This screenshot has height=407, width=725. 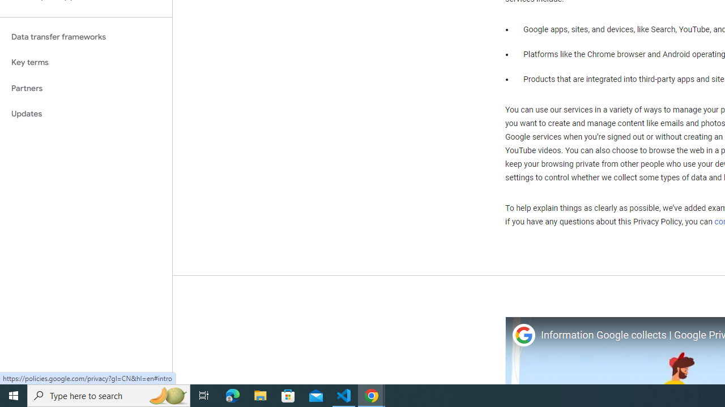 What do you see at coordinates (86, 114) in the screenshot?
I see `'Updates'` at bounding box center [86, 114].